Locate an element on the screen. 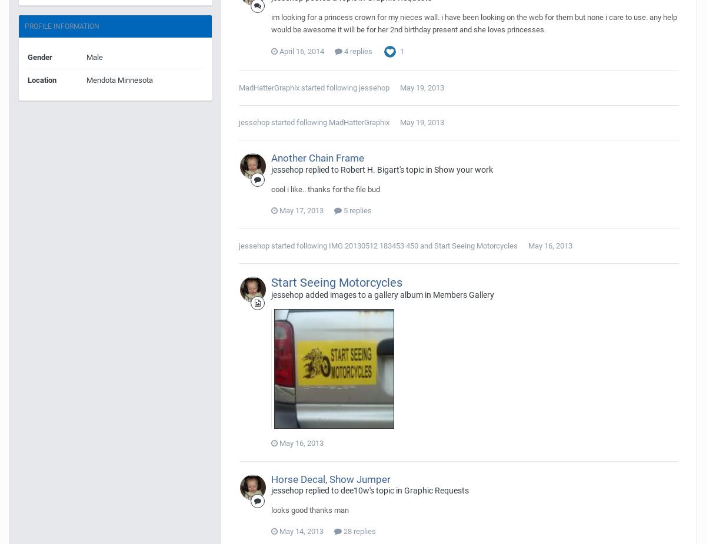 The height and width of the screenshot is (544, 706). '5 replies' is located at coordinates (357, 210).